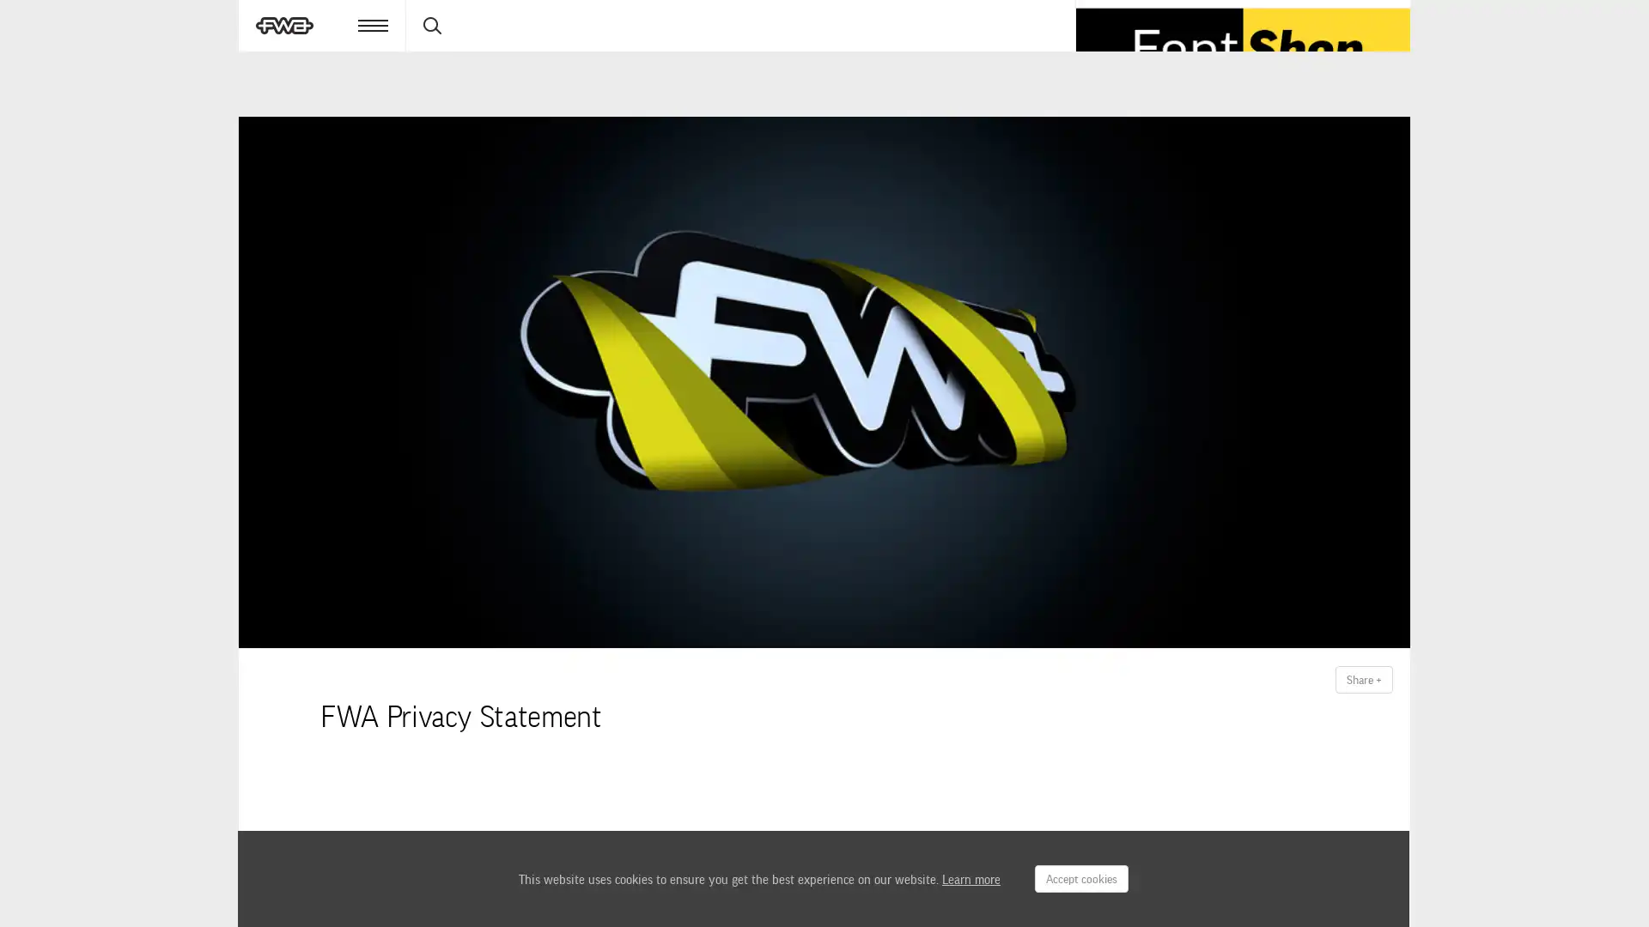  Describe the element at coordinates (1363, 680) in the screenshot. I see `Share +` at that location.